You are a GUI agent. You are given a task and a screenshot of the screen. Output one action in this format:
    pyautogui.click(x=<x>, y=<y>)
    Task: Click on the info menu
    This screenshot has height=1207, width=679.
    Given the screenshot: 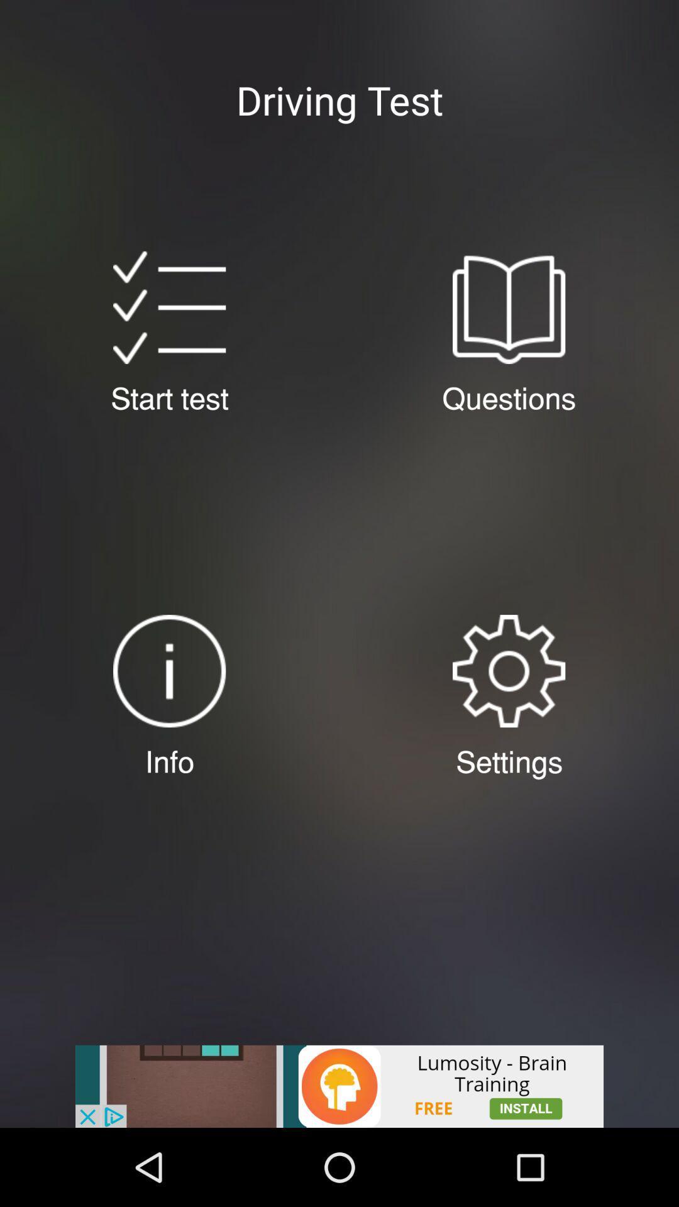 What is the action you would take?
    pyautogui.click(x=168, y=670)
    